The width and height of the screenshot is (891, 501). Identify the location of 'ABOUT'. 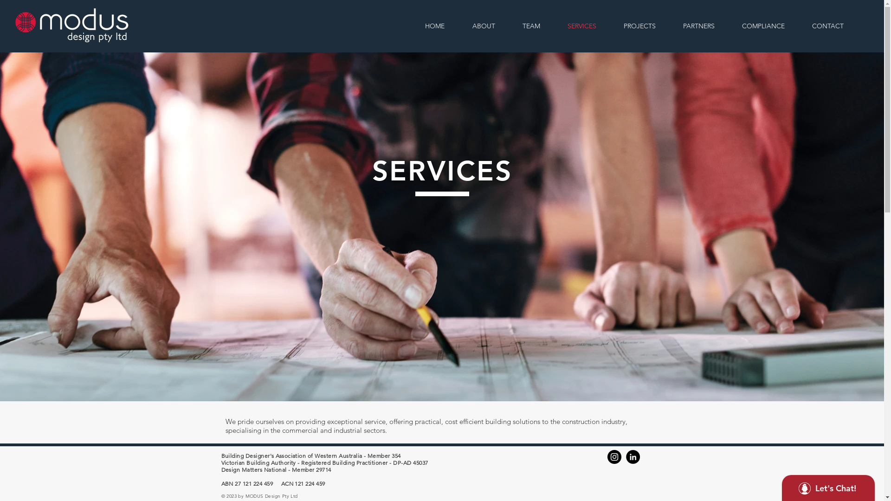
(465, 26).